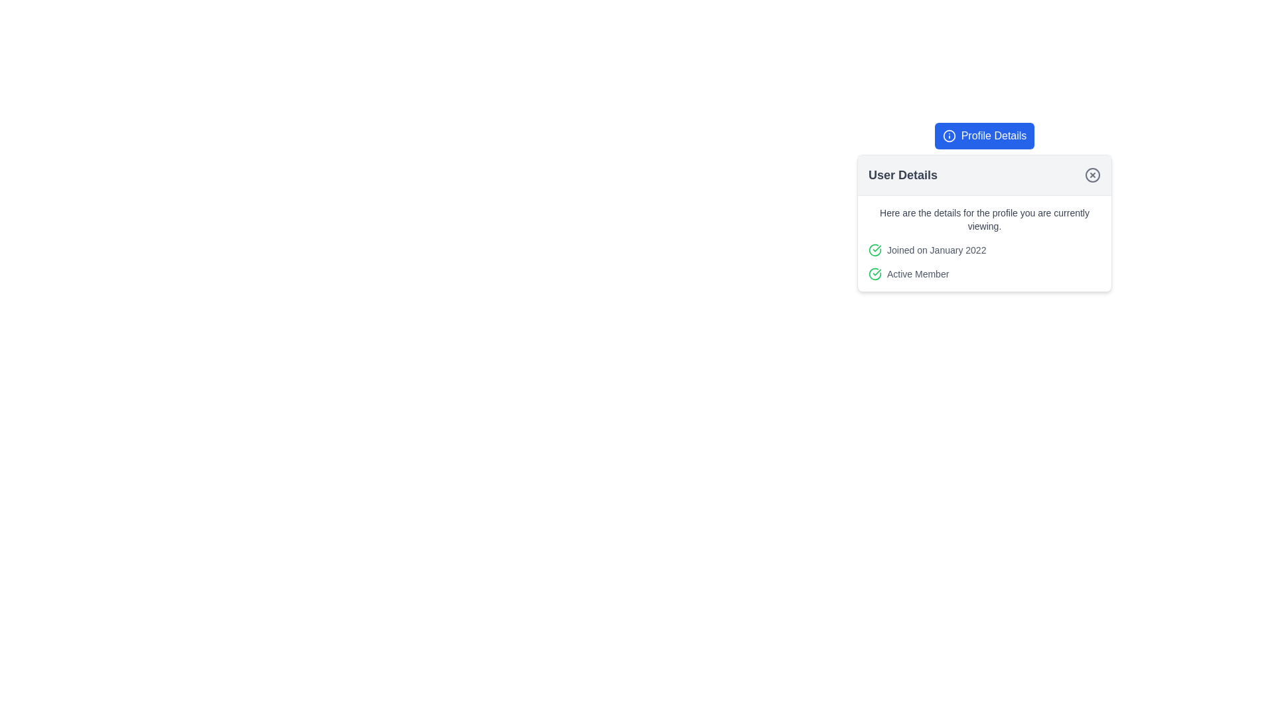  Describe the element at coordinates (1092, 174) in the screenshot. I see `the close button located in the top-right corner of the 'User Details' card` at that location.